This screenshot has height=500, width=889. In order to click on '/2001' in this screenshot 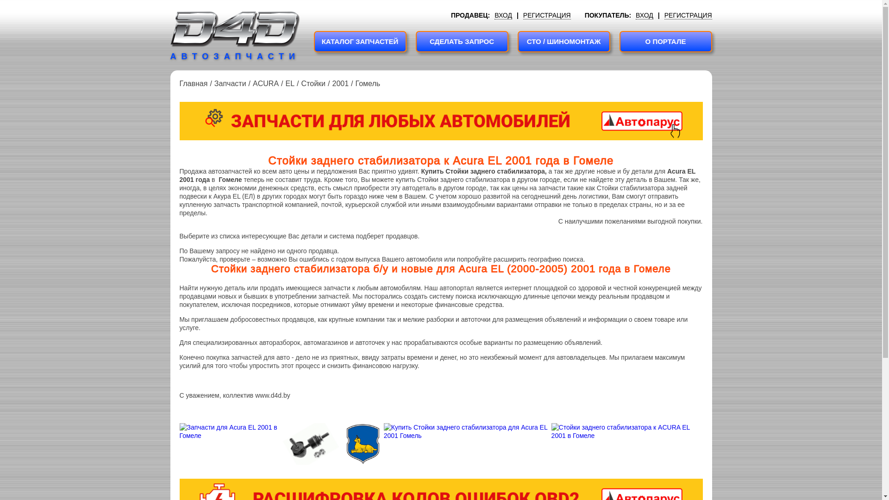, I will do `click(325, 84)`.